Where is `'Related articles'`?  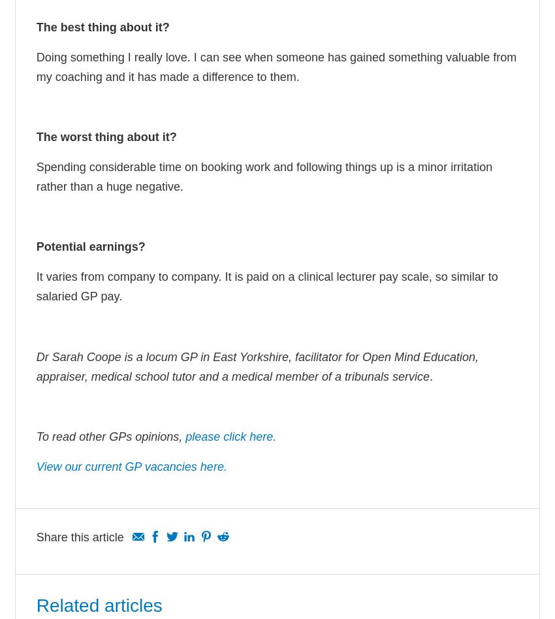
'Related articles' is located at coordinates (99, 604).